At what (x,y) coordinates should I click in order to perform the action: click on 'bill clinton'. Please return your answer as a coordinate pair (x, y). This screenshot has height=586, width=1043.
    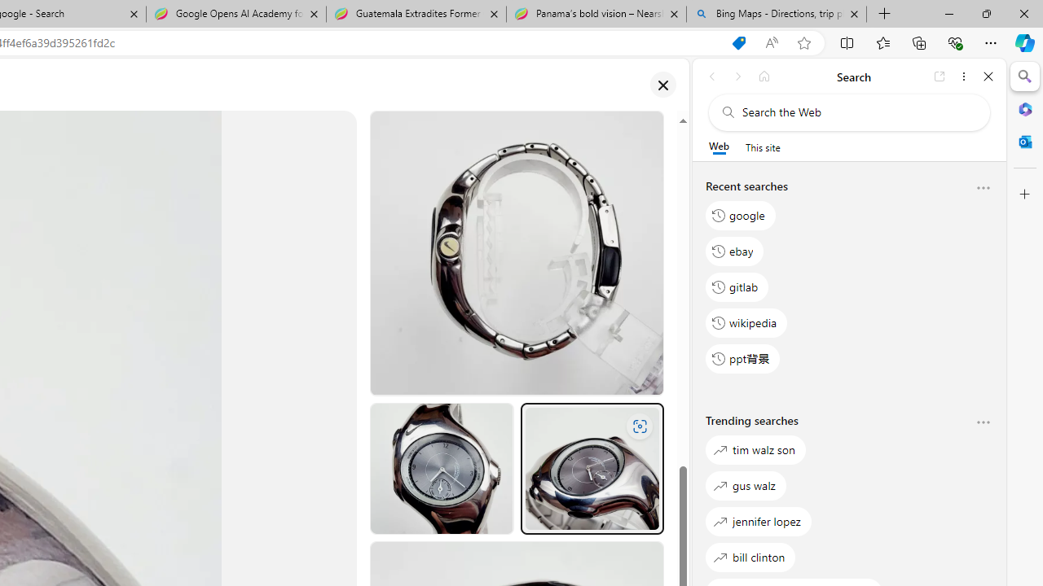
    Looking at the image, I should click on (750, 556).